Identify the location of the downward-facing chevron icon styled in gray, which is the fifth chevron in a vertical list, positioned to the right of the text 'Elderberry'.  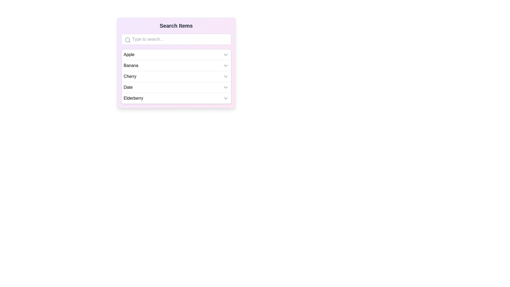
(226, 98).